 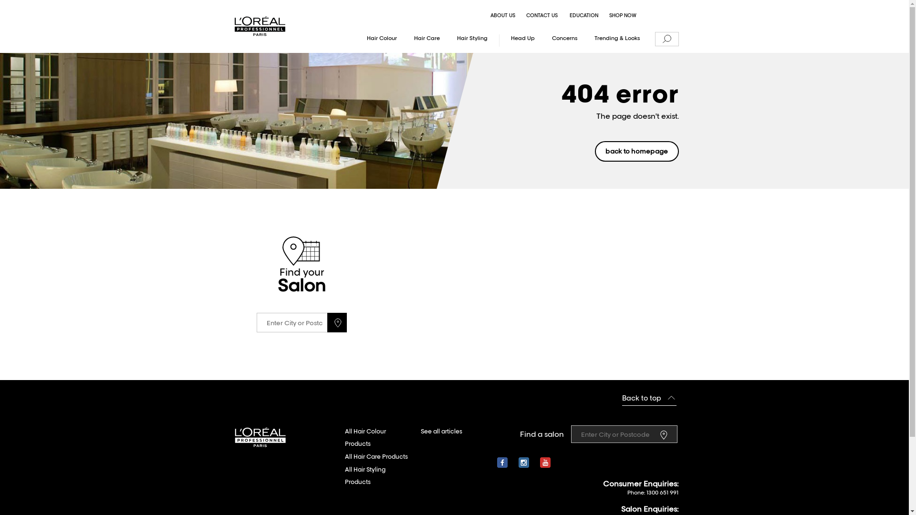 What do you see at coordinates (441, 432) in the screenshot?
I see `'See all articles'` at bounding box center [441, 432].